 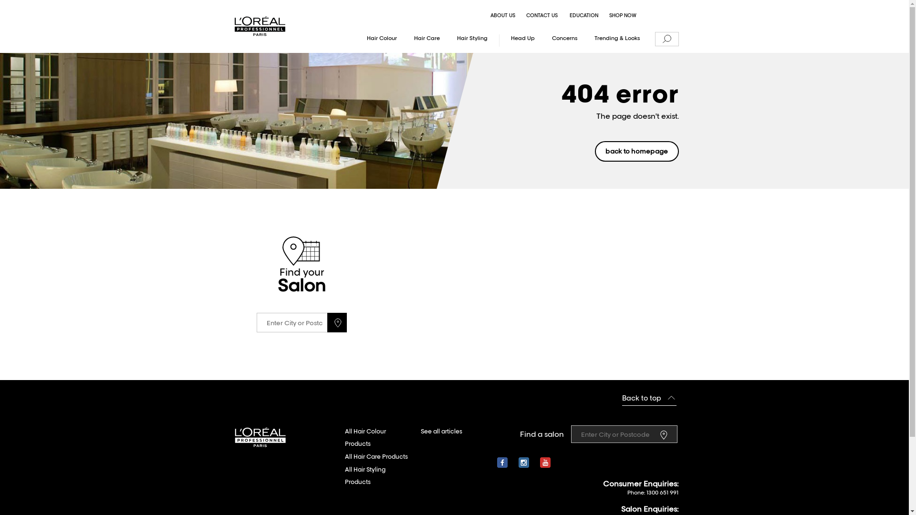 What do you see at coordinates (441, 432) in the screenshot?
I see `'See all articles'` at bounding box center [441, 432].